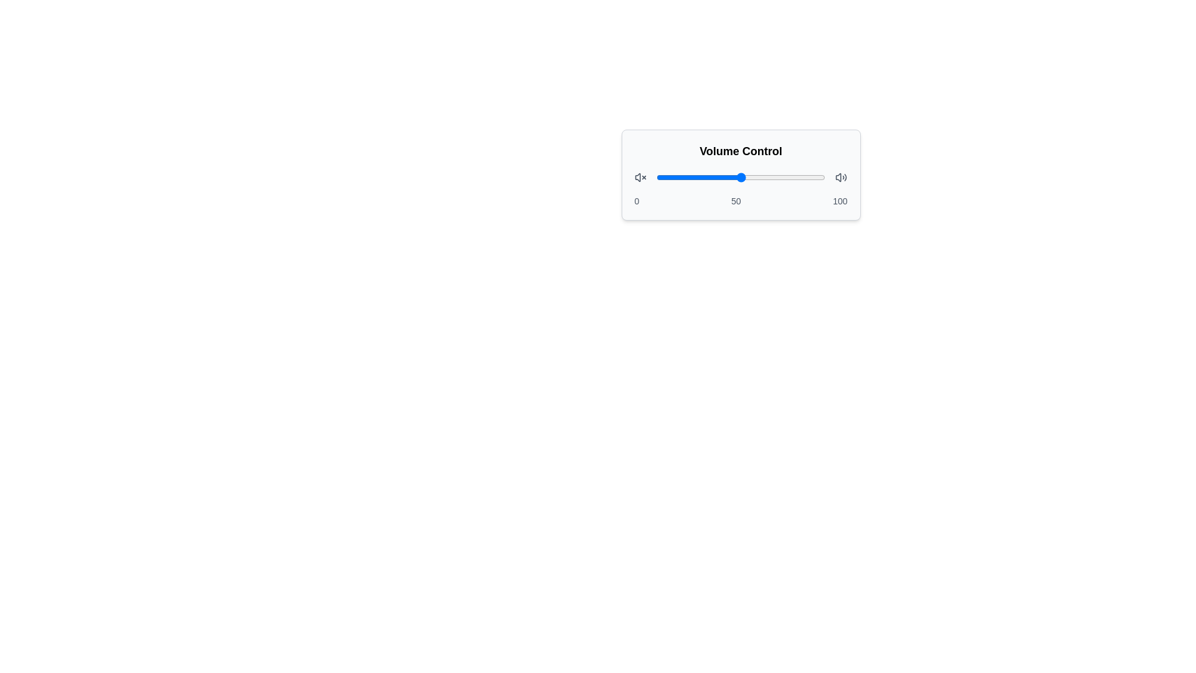 The image size is (1196, 673). What do you see at coordinates (754, 178) in the screenshot?
I see `the slider to set the volume to 58` at bounding box center [754, 178].